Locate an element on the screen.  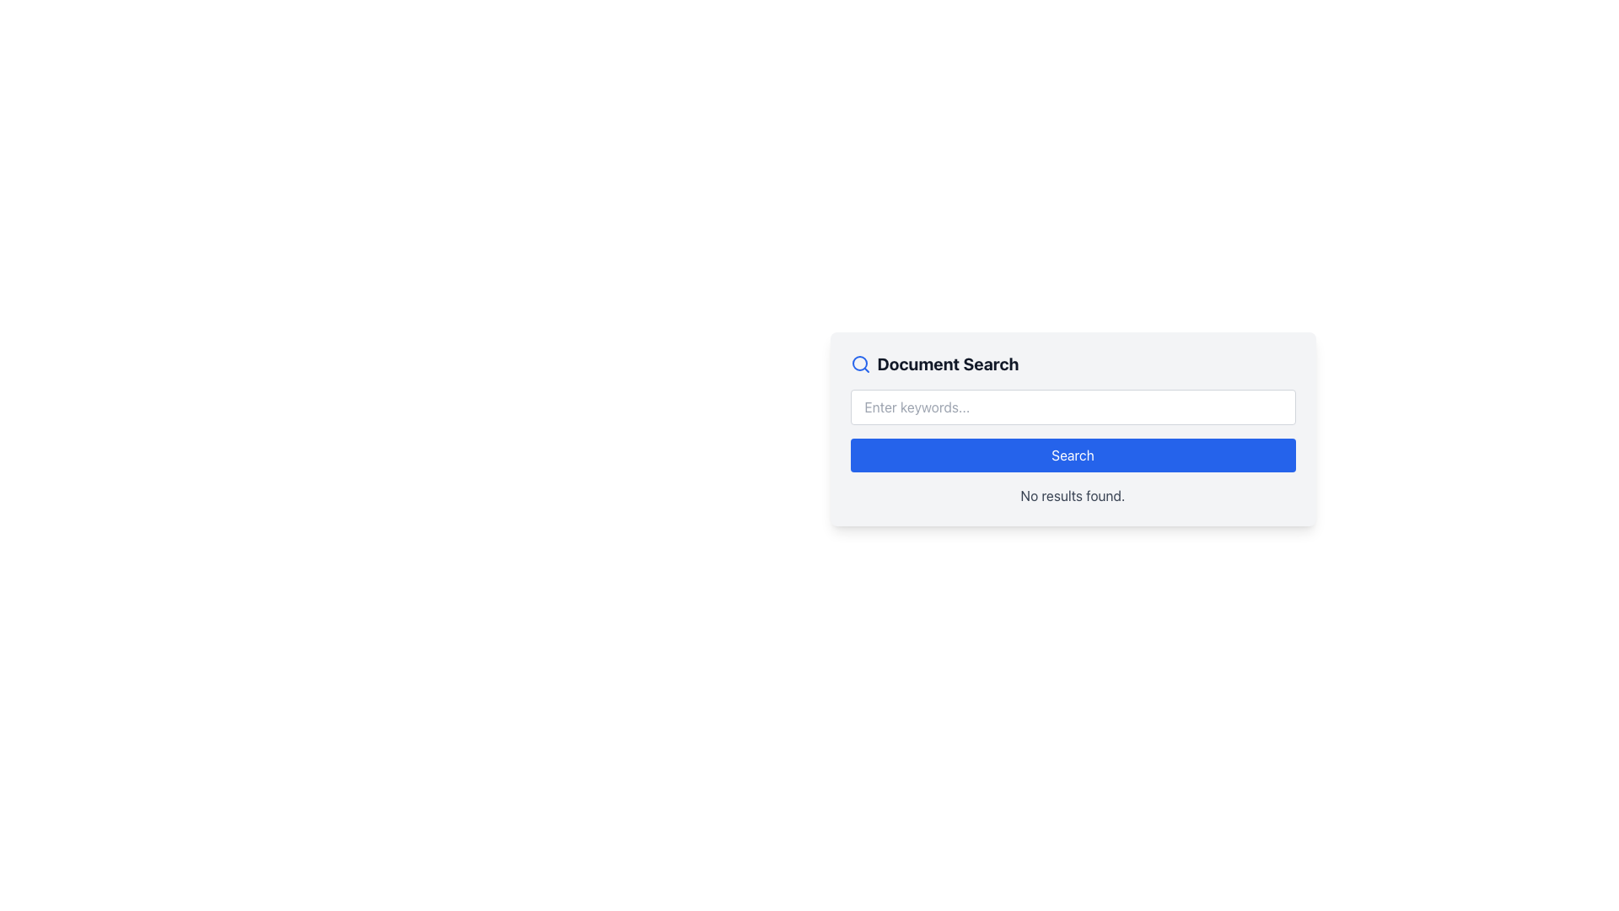
the search button located within the gray box, positioned below the 'Enter keywords...' text input field and above the 'No results found.' message, to observe its hover effect is located at coordinates (1072, 455).